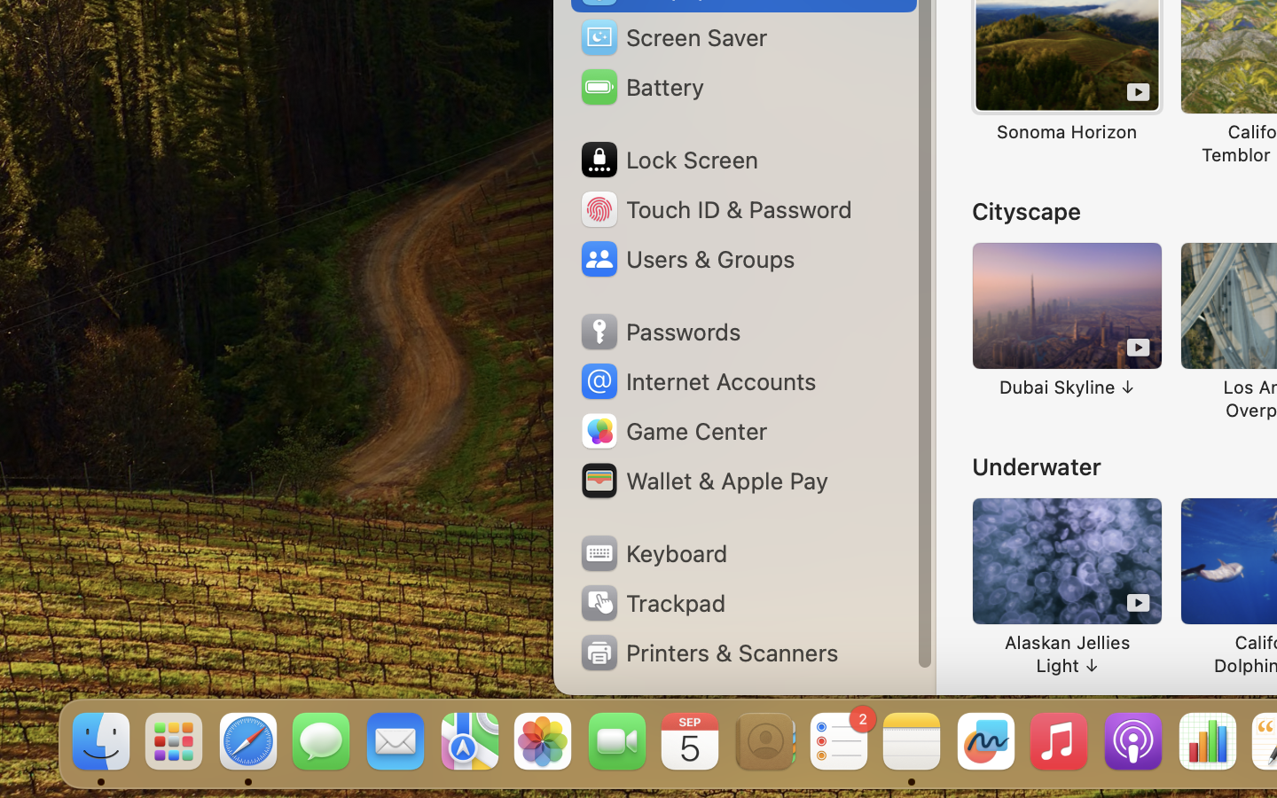  What do you see at coordinates (686, 257) in the screenshot?
I see `'Users & Groups'` at bounding box center [686, 257].